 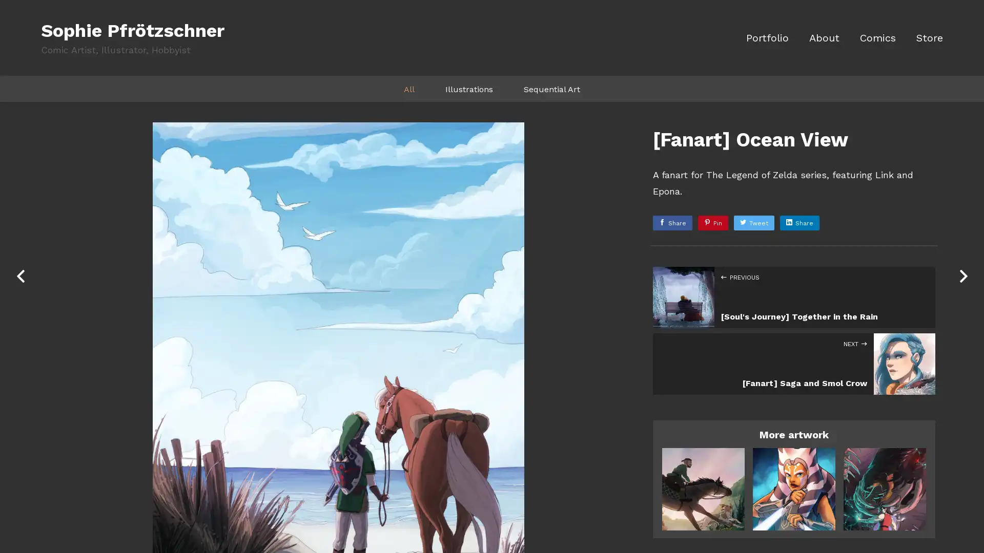 What do you see at coordinates (672, 222) in the screenshot?
I see `Share` at bounding box center [672, 222].